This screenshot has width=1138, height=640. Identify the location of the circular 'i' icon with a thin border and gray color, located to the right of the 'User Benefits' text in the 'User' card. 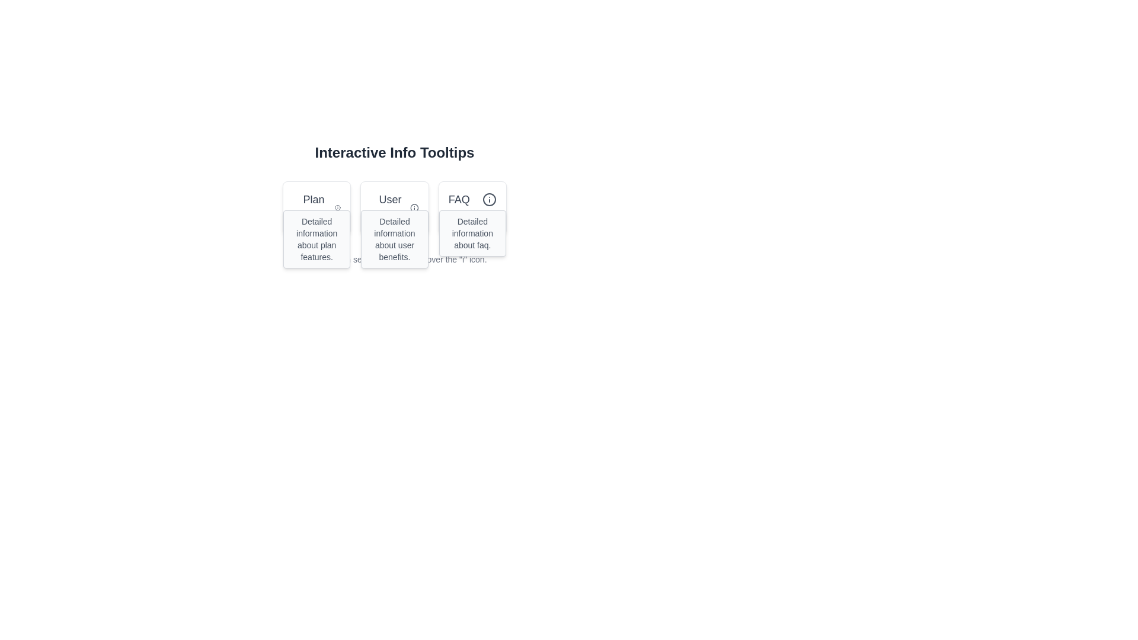
(414, 207).